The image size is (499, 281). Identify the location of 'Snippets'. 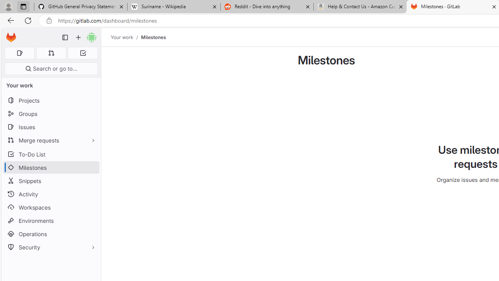
(51, 181).